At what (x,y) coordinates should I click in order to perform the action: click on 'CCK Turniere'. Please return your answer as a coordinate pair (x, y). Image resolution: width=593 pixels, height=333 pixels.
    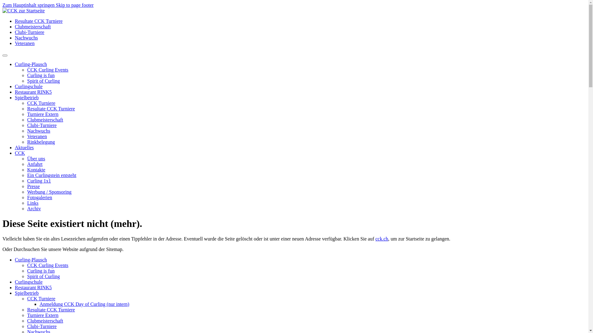
    Looking at the image, I should click on (41, 103).